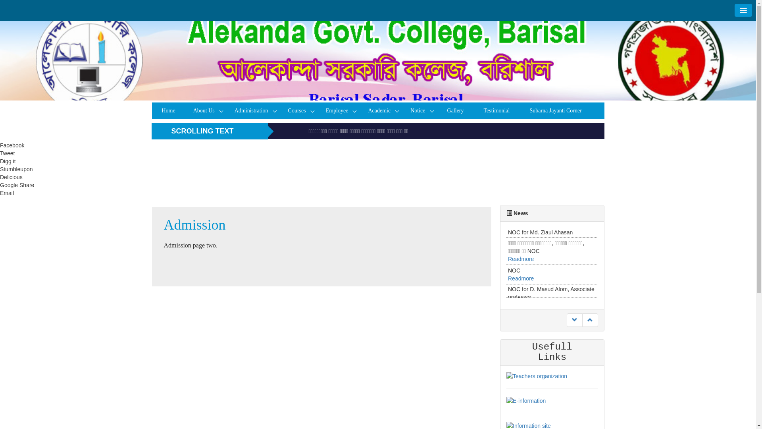 This screenshot has width=762, height=429. I want to click on 'Courses', so click(298, 110).